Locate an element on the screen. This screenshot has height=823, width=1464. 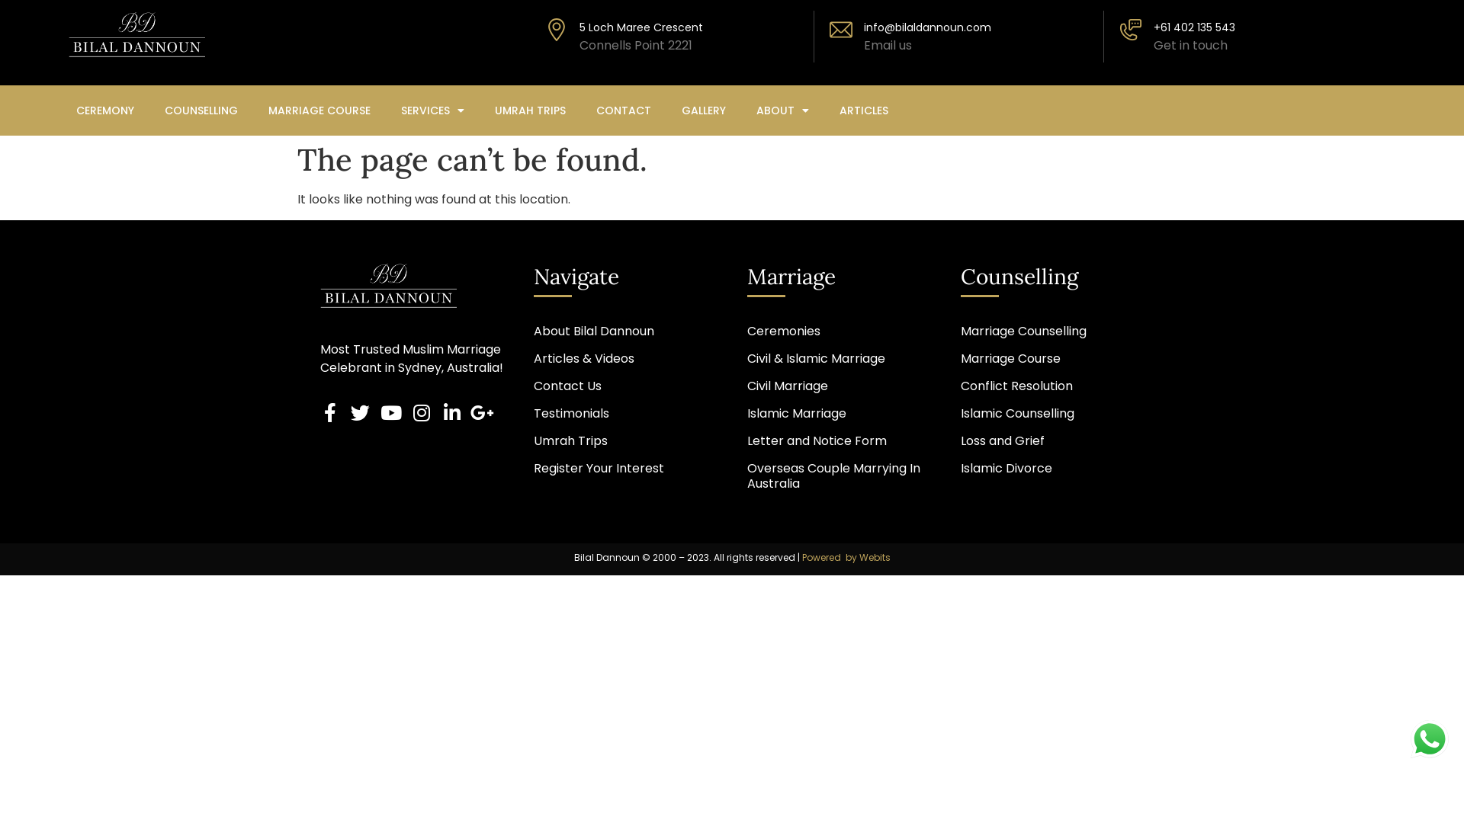
'Islamic Counselling' is located at coordinates (1051, 414).